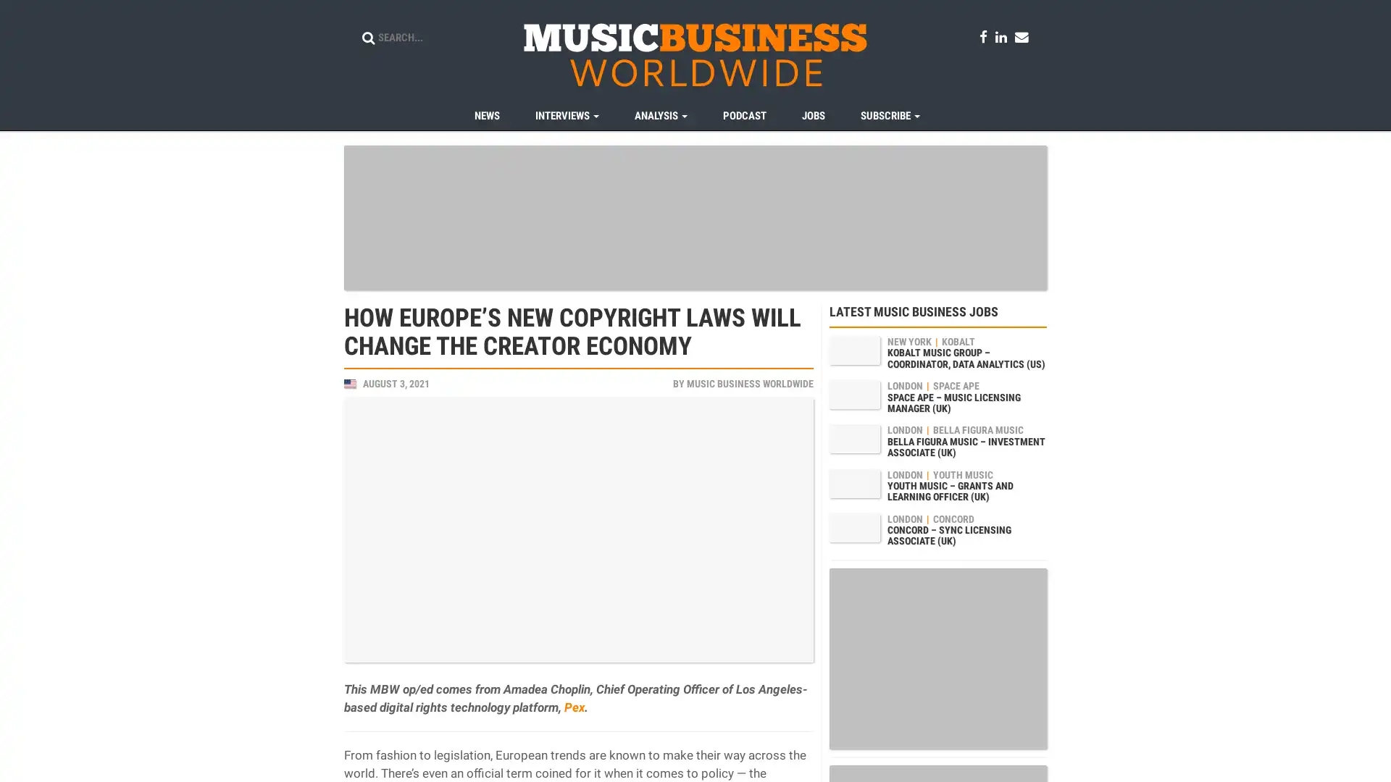 The height and width of the screenshot is (782, 1391). What do you see at coordinates (1319, 757) in the screenshot?
I see `dismiss cookie message` at bounding box center [1319, 757].